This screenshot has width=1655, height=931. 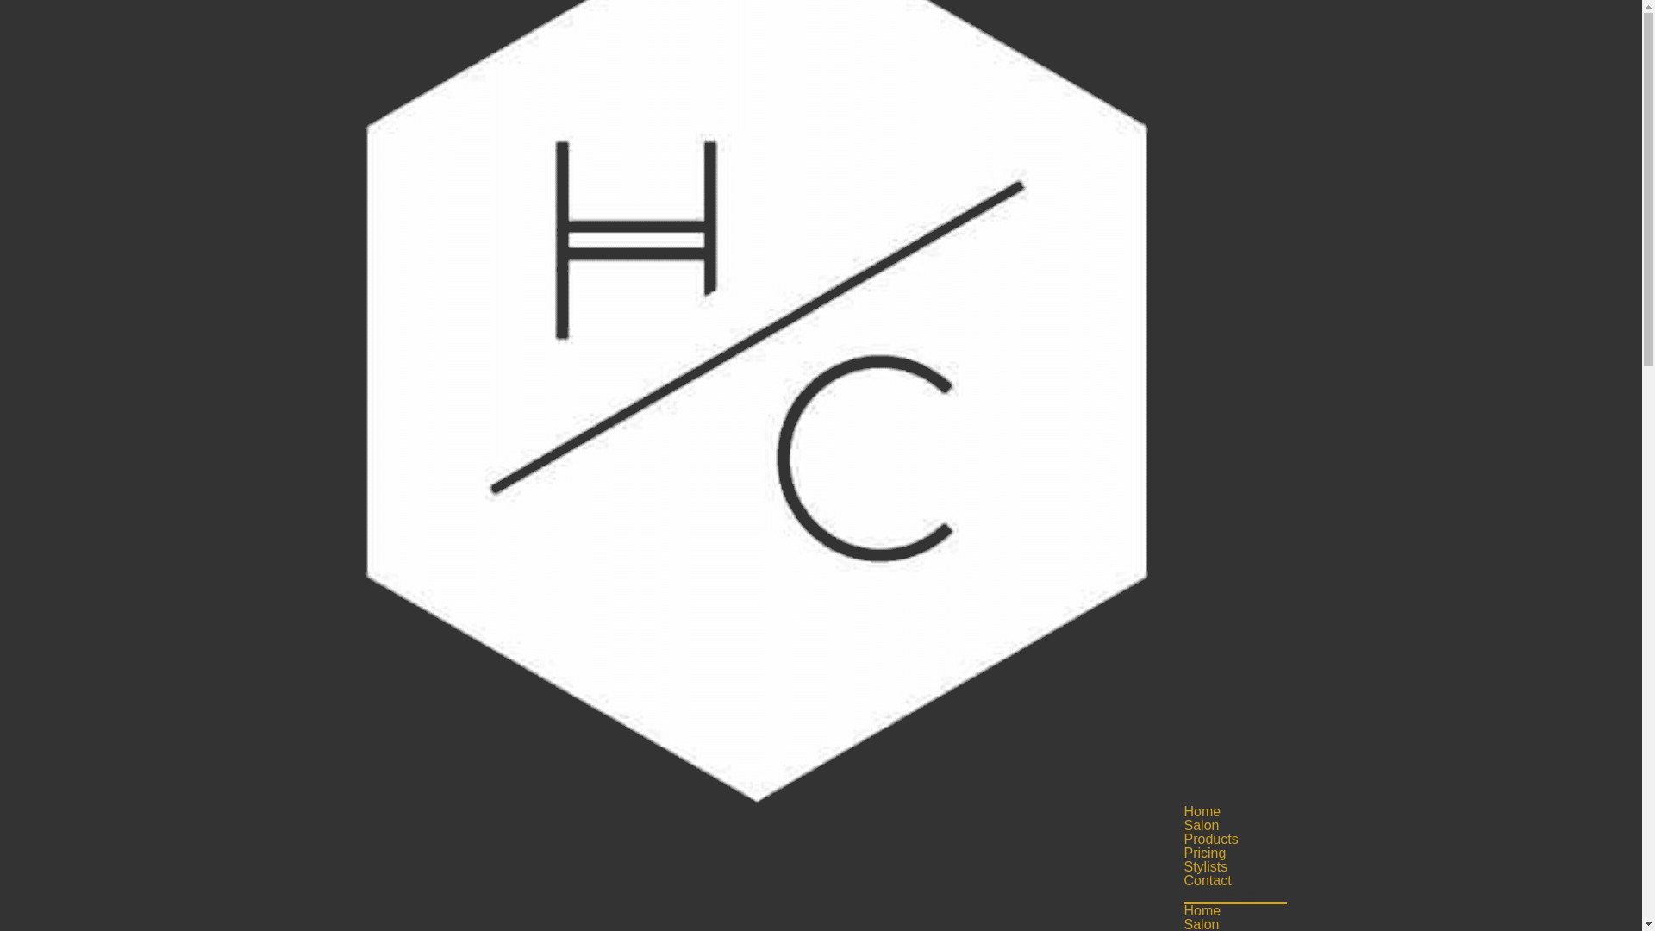 I want to click on 'Pricing', so click(x=1204, y=853).